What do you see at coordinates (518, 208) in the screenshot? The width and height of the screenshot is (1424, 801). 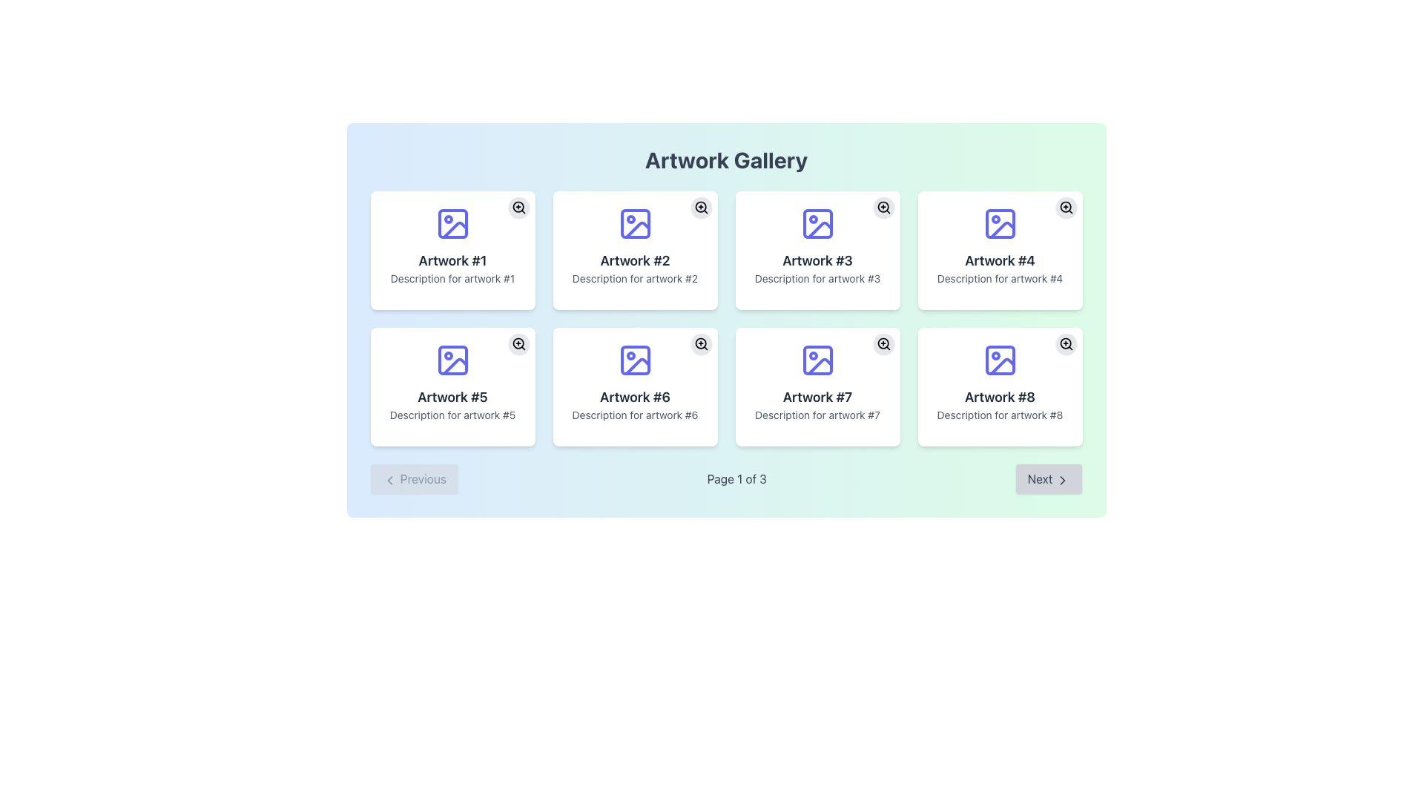 I see `the small circular button with a magnifying glass icon located at the top-right corner of the 'Artwork #1' card to trigger the hover effect` at bounding box center [518, 208].